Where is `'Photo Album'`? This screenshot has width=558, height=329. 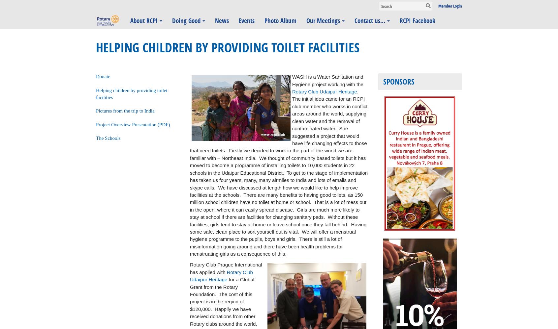
'Photo Album' is located at coordinates (264, 20).